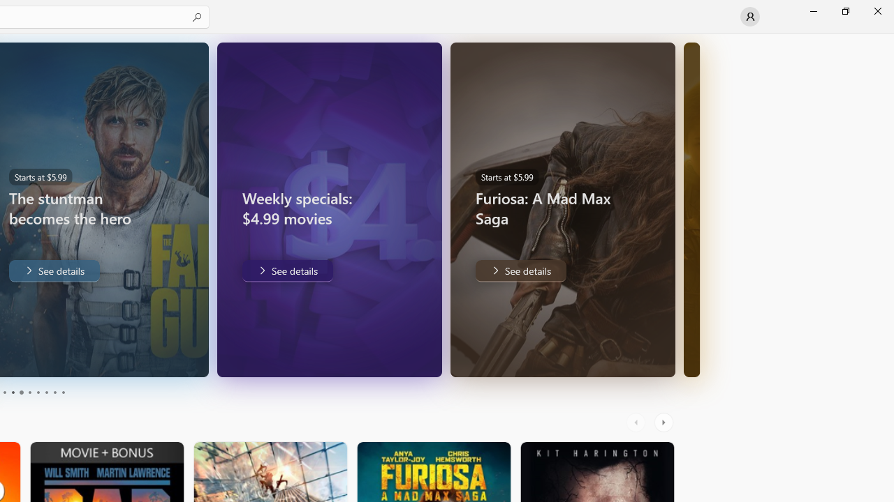 Image resolution: width=894 pixels, height=502 pixels. I want to click on 'Page 10', so click(62, 393).